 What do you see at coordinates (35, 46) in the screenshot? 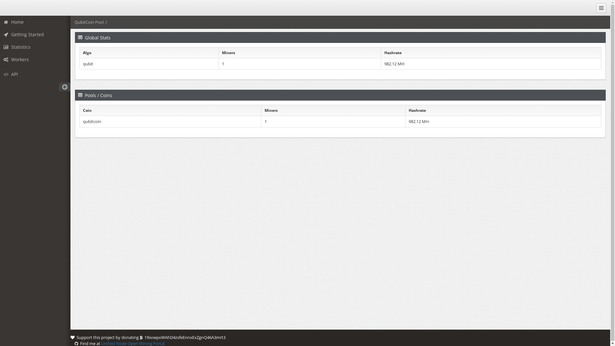
I see `'Statistics'` at bounding box center [35, 46].